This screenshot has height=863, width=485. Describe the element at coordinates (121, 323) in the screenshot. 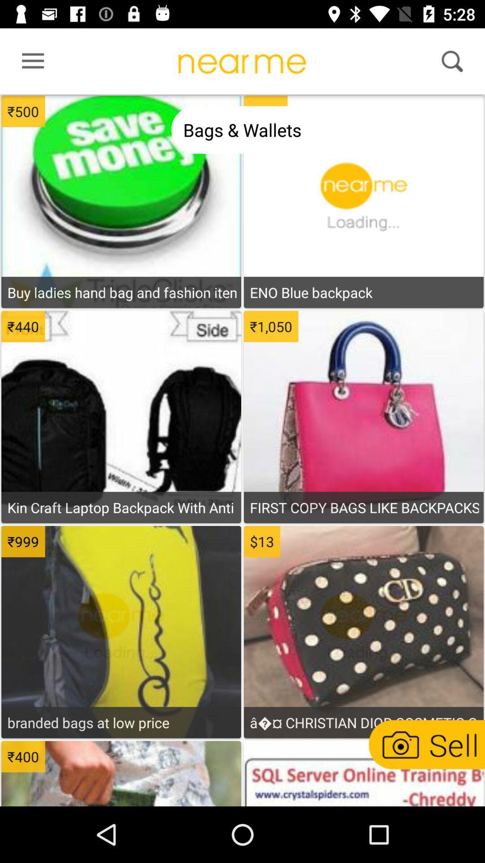

I see `open buy menu` at that location.